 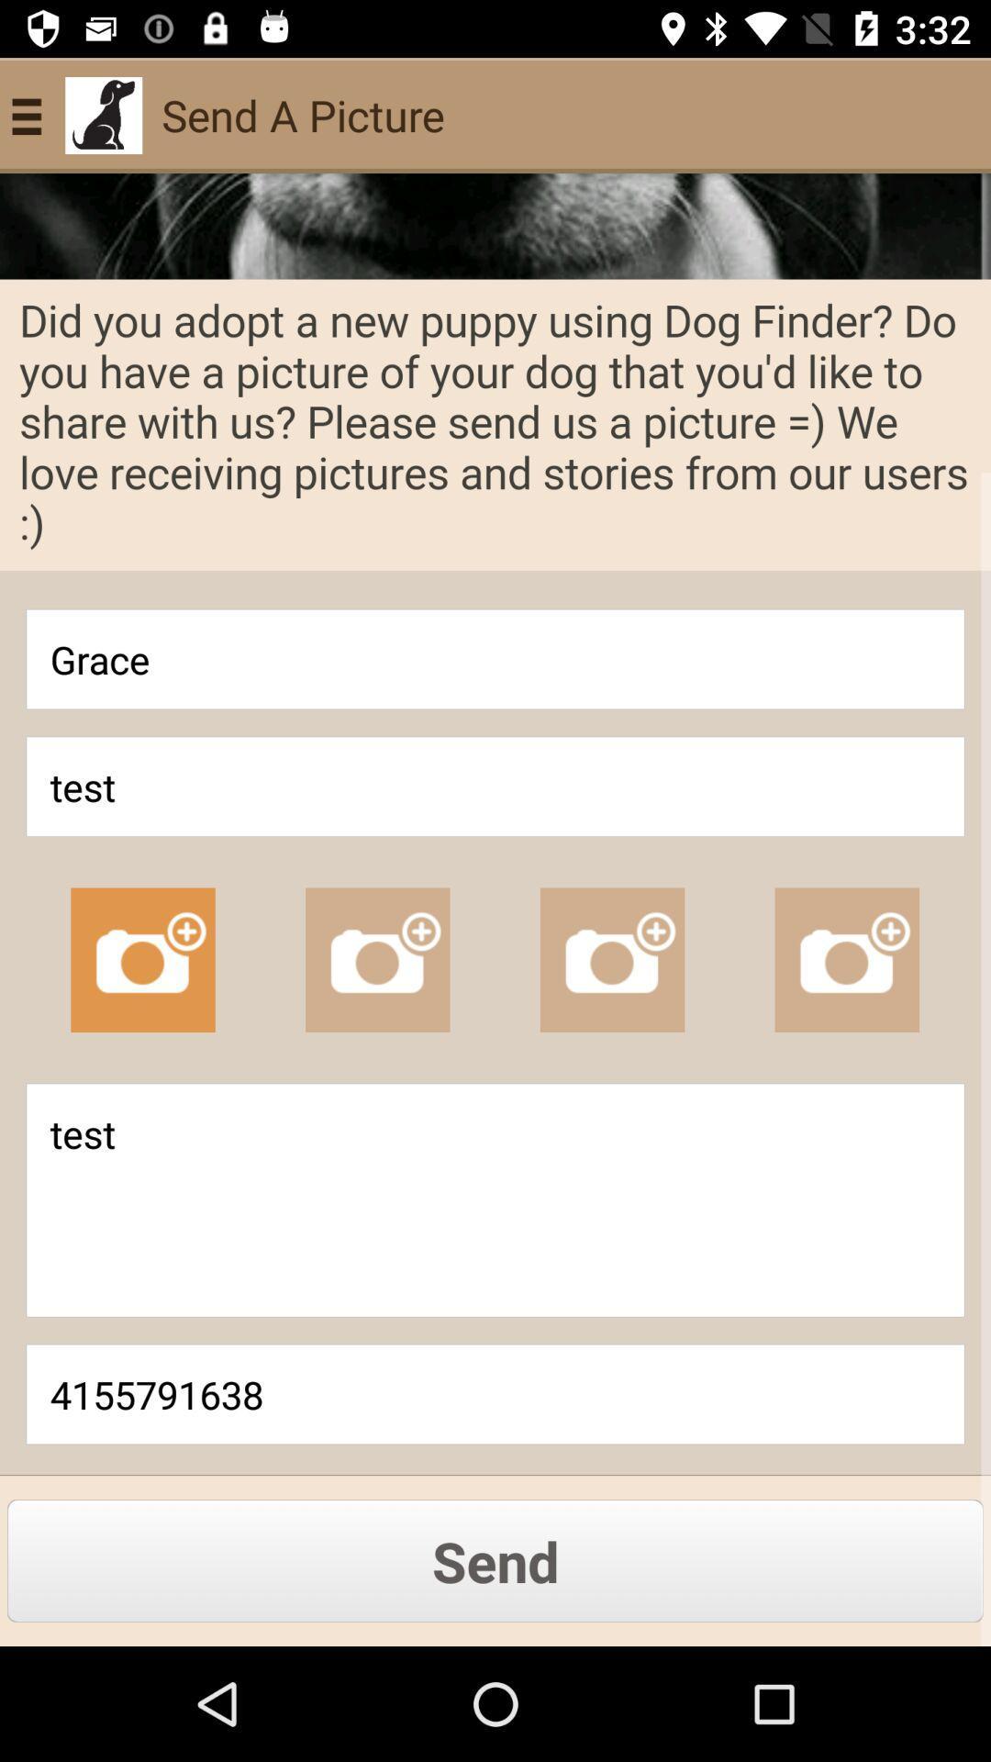 I want to click on the button above test, so click(x=495, y=659).